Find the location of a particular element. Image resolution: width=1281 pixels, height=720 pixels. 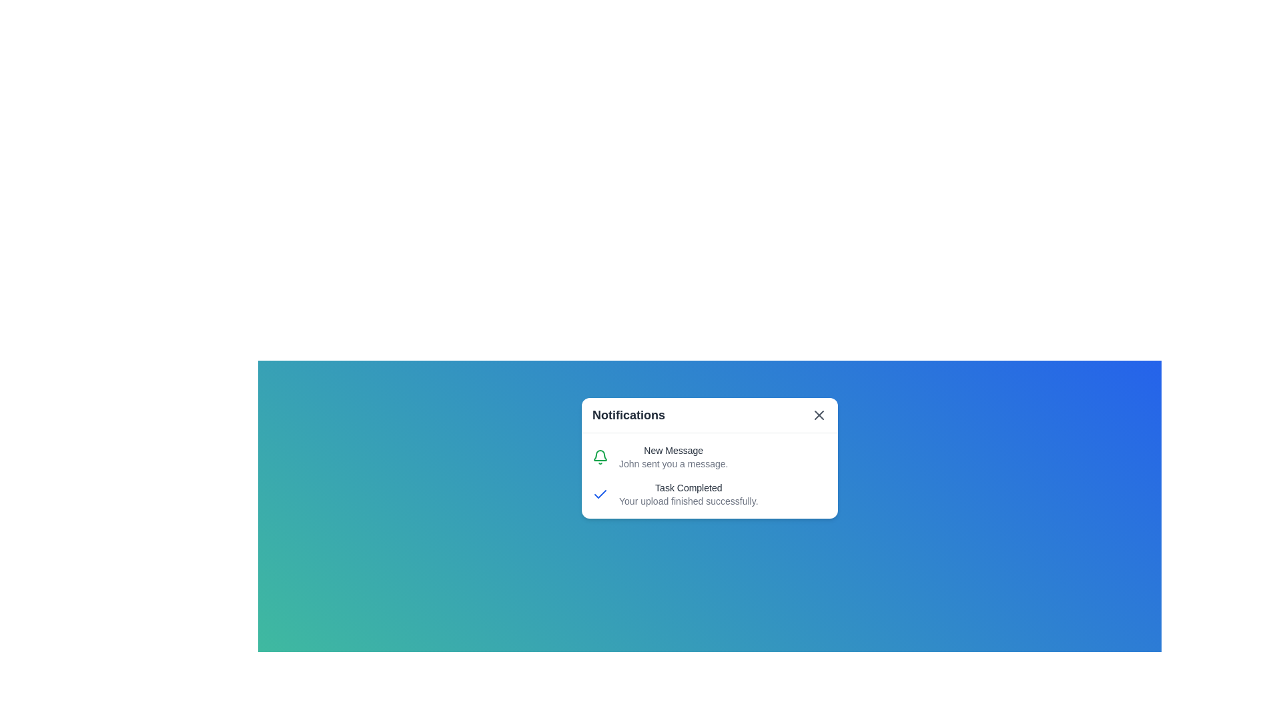

the Close button icon (X) in the upper-right corner of the notification dialog to change its color to red if applicable is located at coordinates (819, 415).